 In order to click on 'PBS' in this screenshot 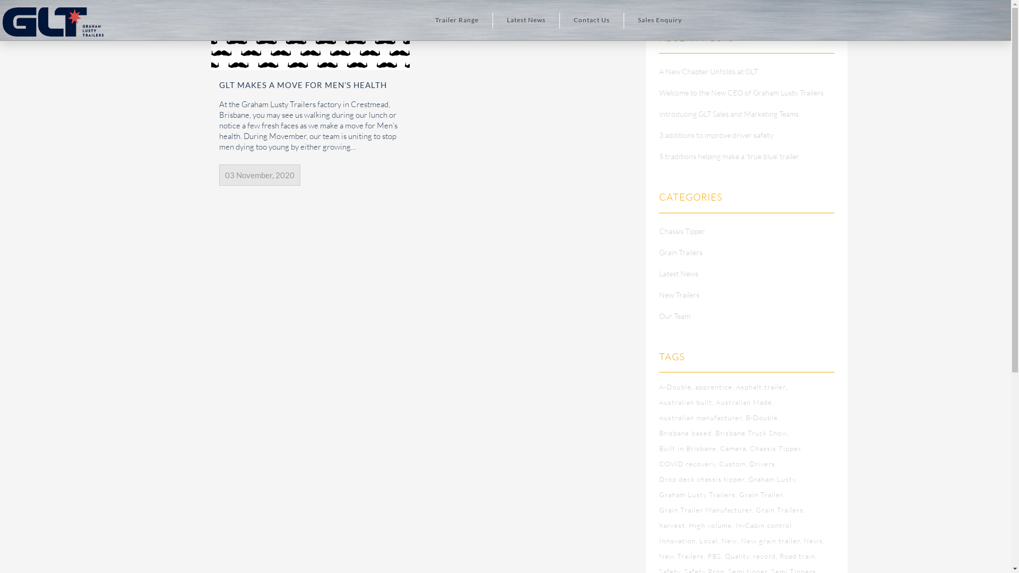, I will do `click(715, 555)`.